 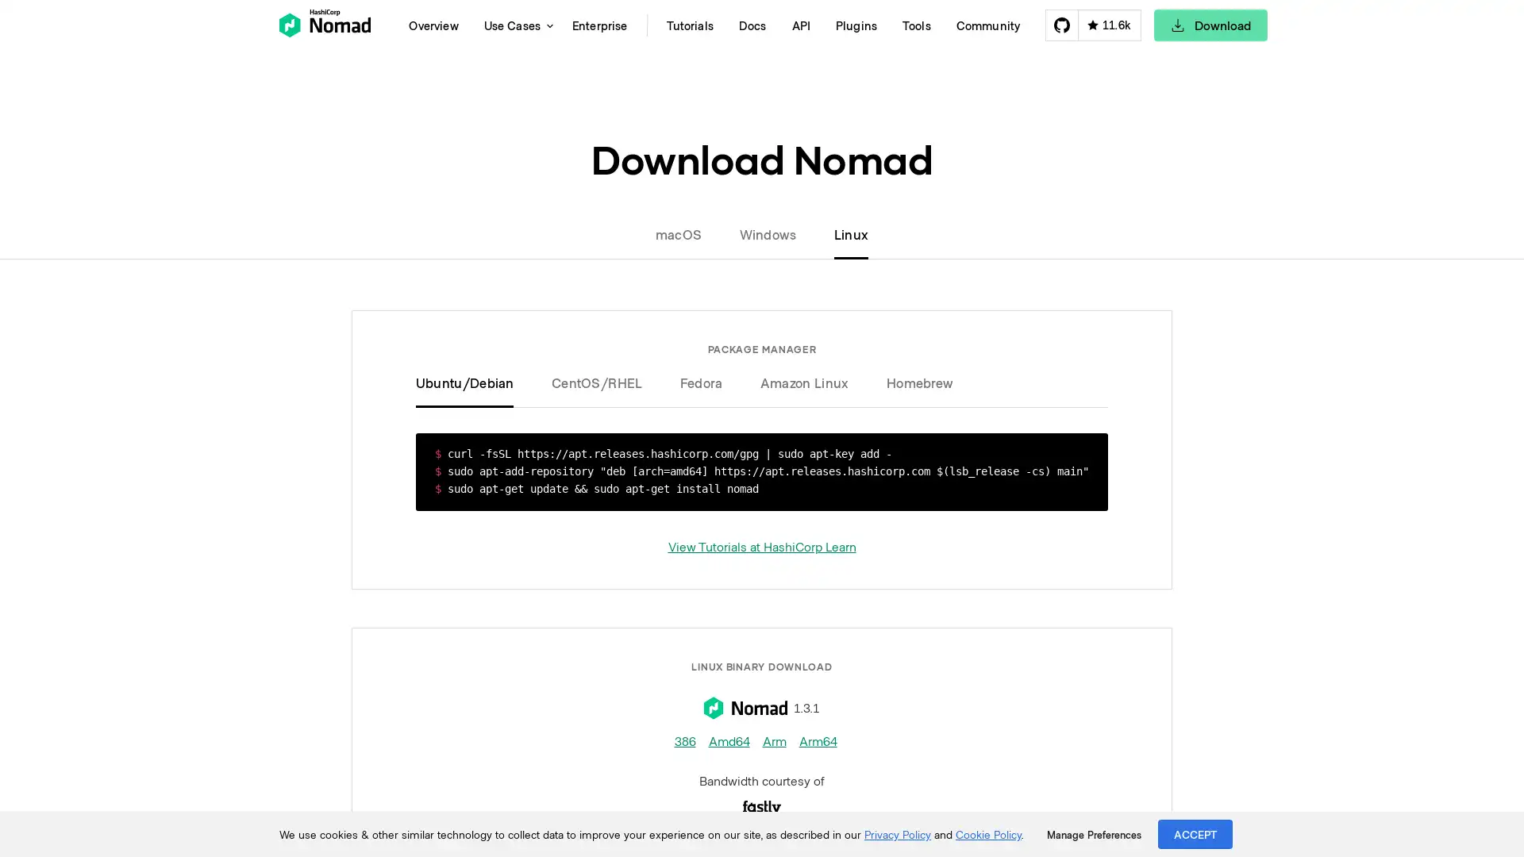 I want to click on Fedora, so click(x=700, y=382).